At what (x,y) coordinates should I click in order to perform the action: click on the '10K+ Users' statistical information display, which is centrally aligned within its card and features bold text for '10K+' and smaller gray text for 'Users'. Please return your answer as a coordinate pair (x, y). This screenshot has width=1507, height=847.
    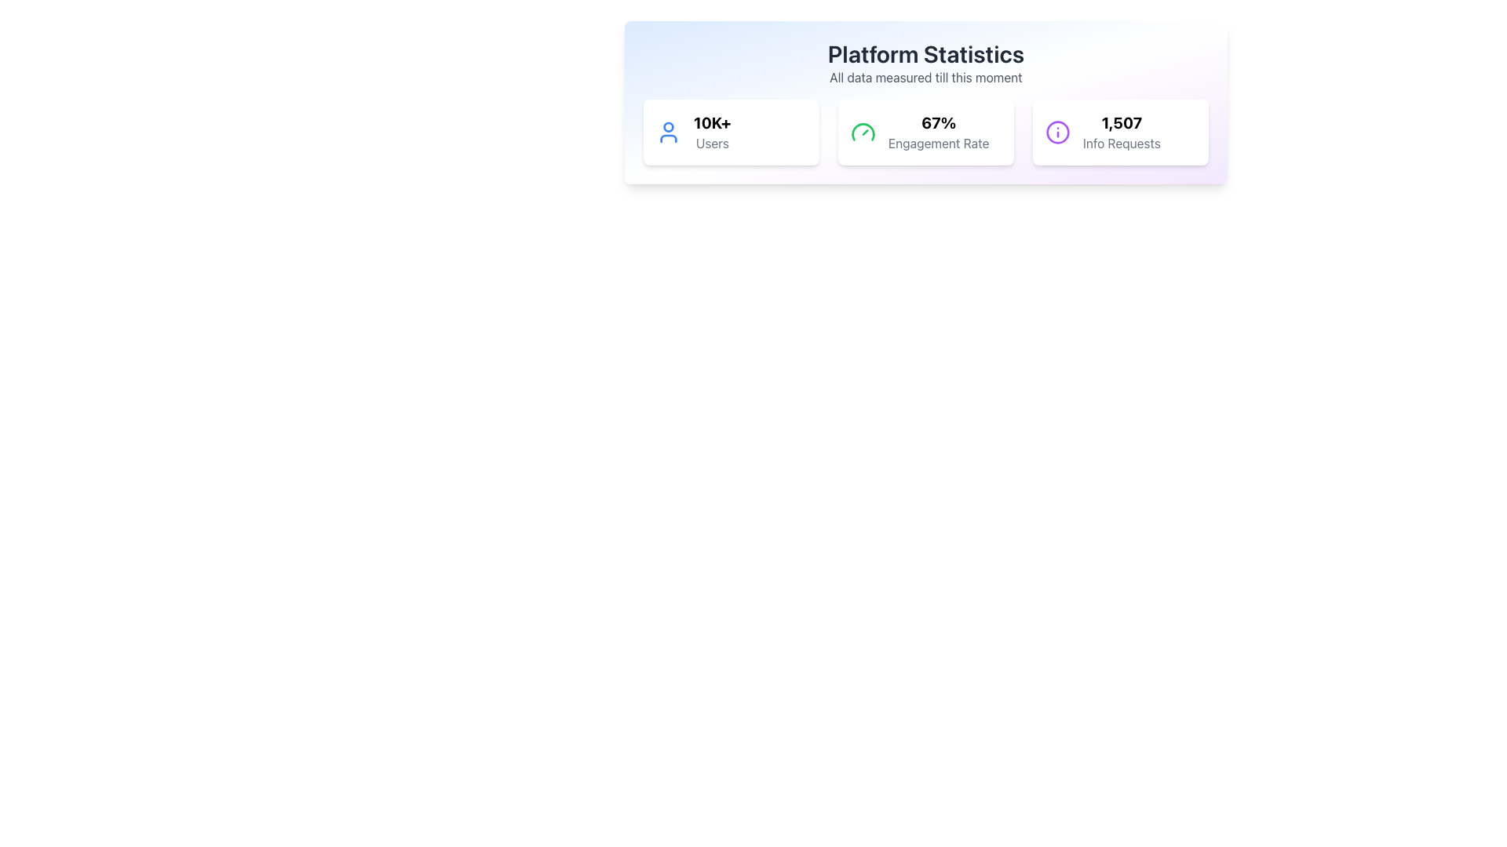
    Looking at the image, I should click on (711, 132).